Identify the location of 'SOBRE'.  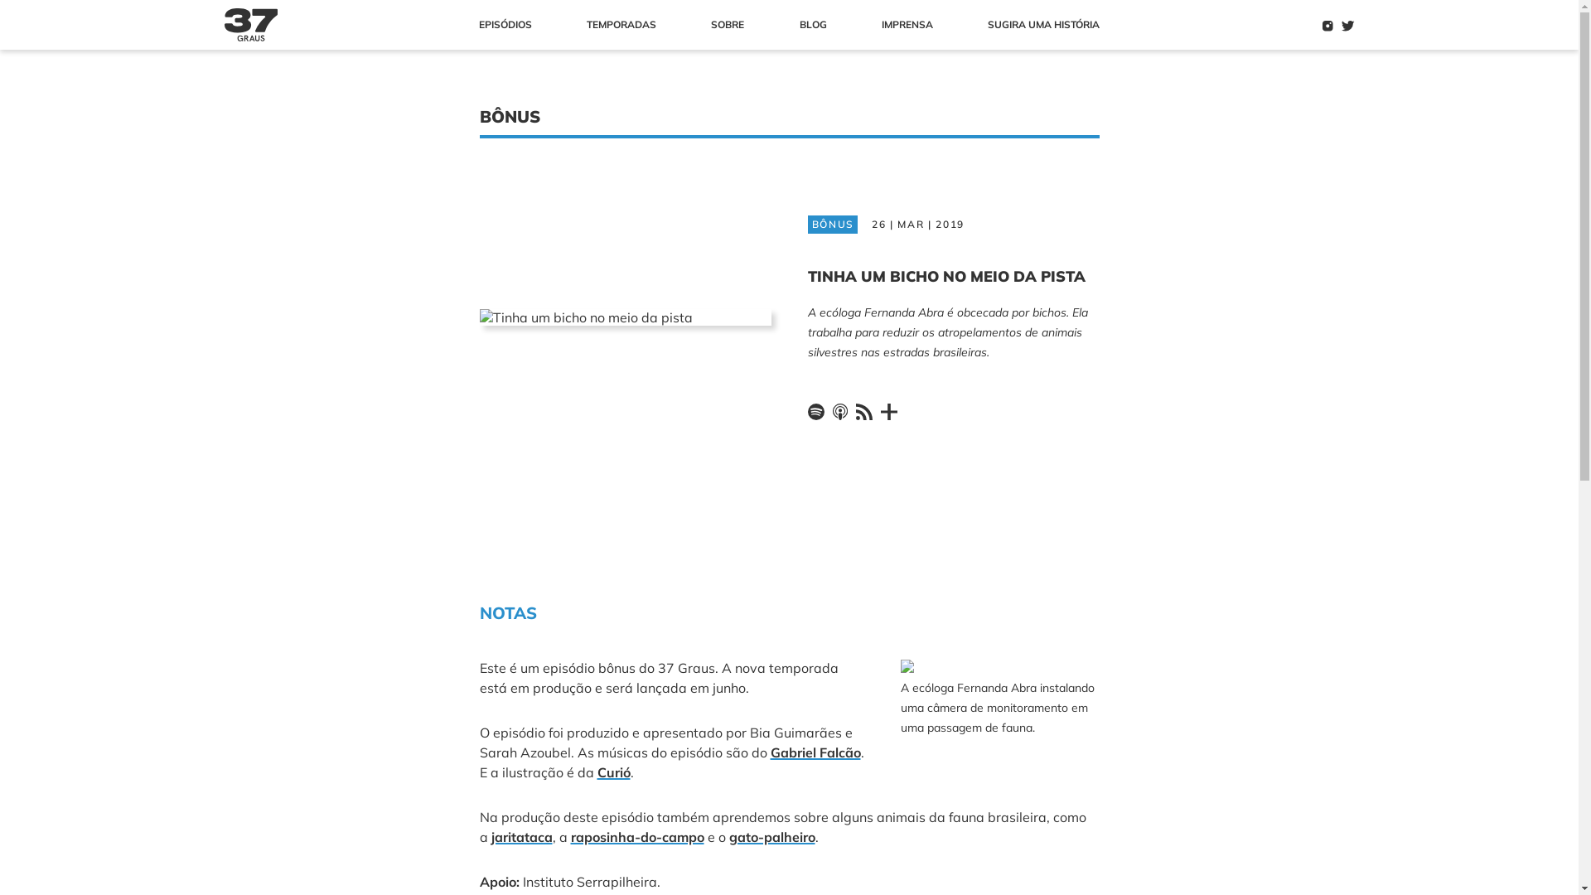
(728, 25).